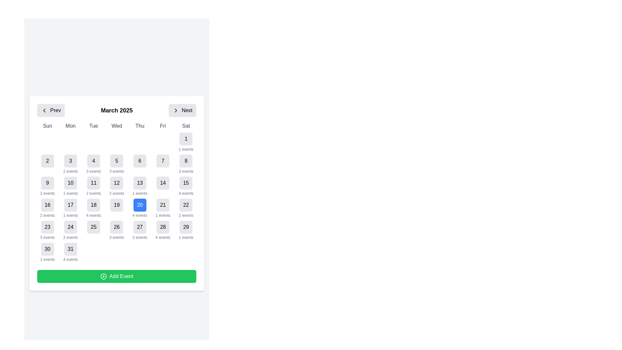 The image size is (622, 350). I want to click on the calendar date box displaying '31' with '4 events' below it, so click(70, 252).